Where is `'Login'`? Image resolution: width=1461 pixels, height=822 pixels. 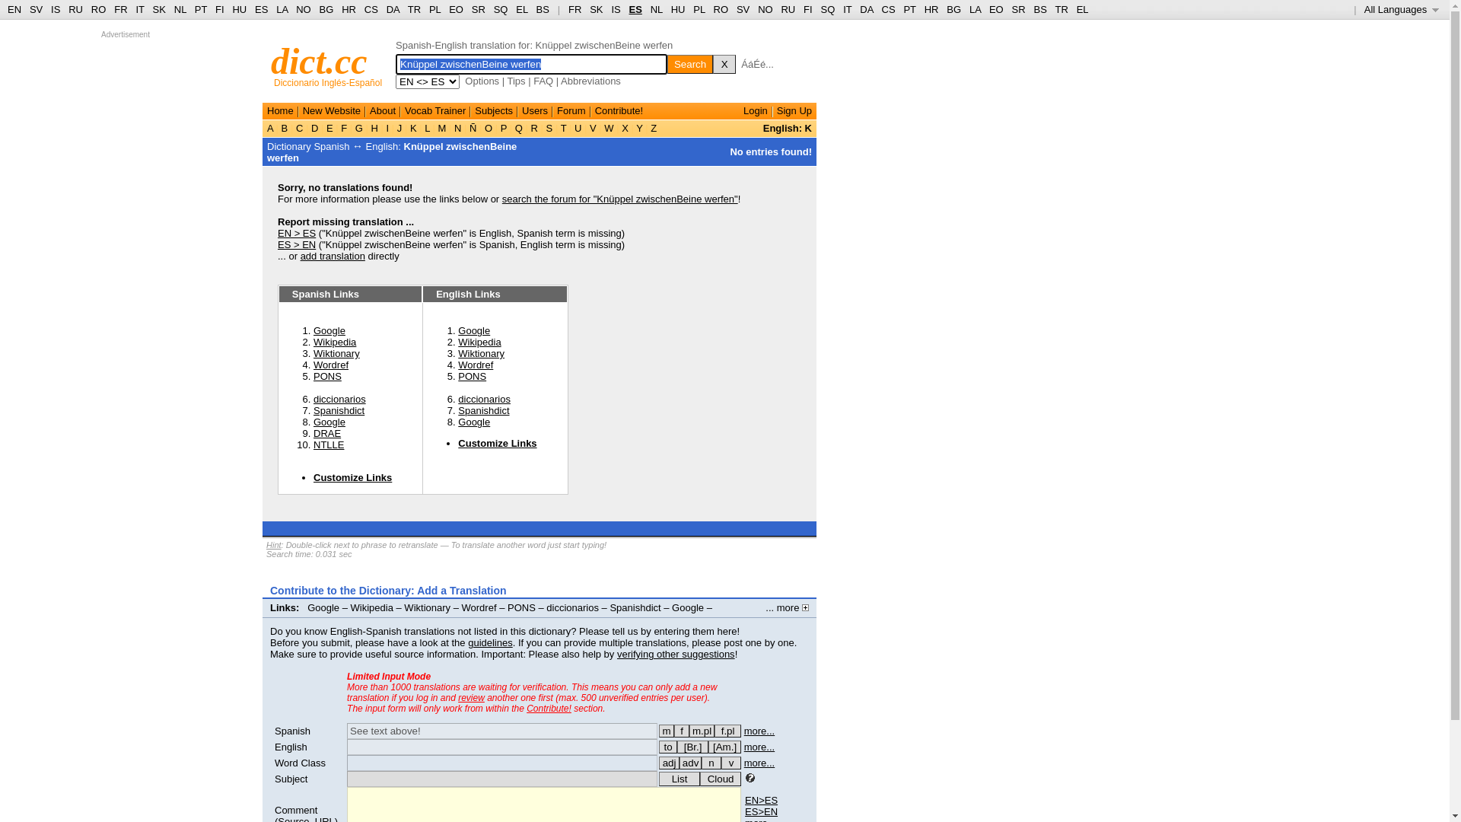 'Login' is located at coordinates (756, 110).